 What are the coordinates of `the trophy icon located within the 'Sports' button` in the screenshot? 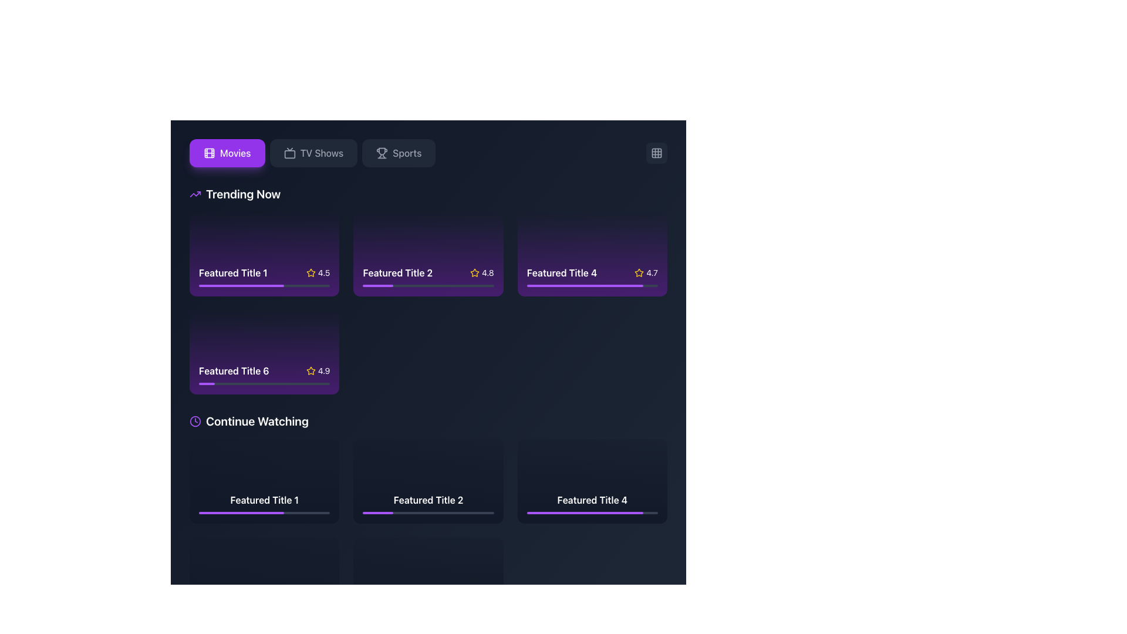 It's located at (382, 153).